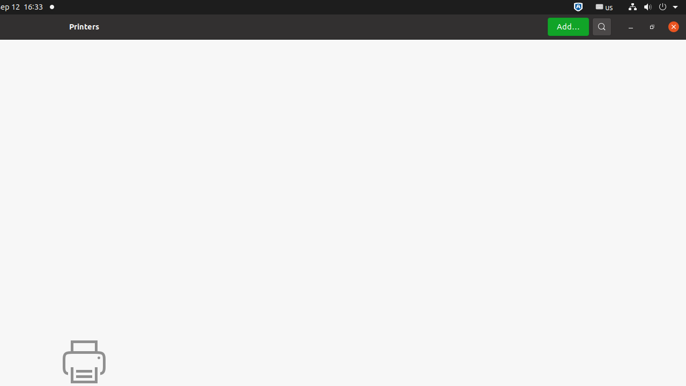  I want to click on 'Restore', so click(652, 26).